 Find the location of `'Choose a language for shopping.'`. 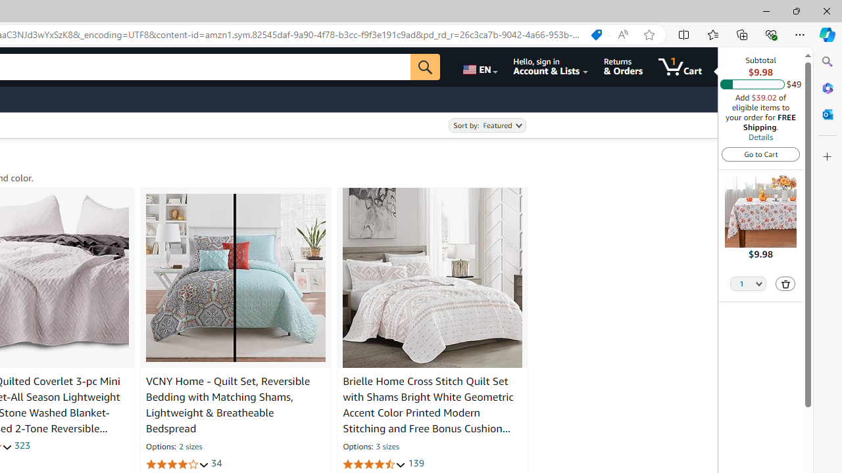

'Choose a language for shopping.' is located at coordinates (478, 66).